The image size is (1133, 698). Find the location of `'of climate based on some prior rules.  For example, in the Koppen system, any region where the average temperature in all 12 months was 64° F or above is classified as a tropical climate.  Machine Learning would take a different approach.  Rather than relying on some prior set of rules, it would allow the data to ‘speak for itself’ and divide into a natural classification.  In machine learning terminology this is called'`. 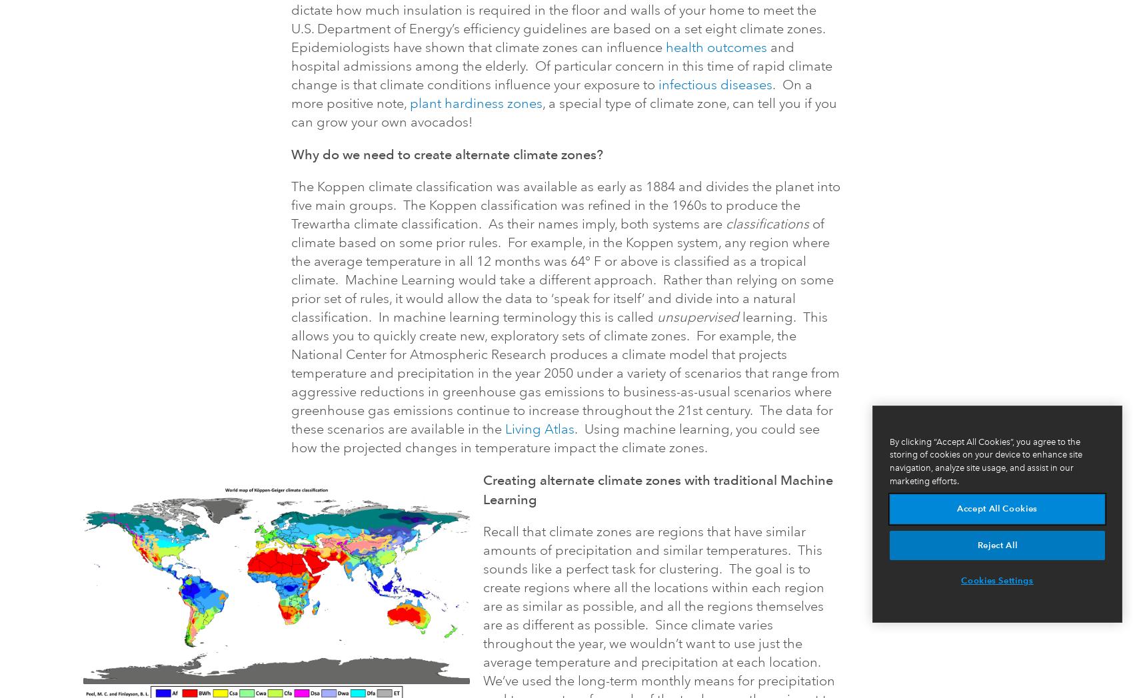

'of climate based on some prior rules.  For example, in the Koppen system, any region where the average temperature in all 12 months was 64° F or above is classified as a tropical climate.  Machine Learning would take a different approach.  Rather than relying on some prior set of rules, it would allow the data to ‘speak for itself’ and divide into a natural classification.  In machine learning terminology this is called' is located at coordinates (562, 270).